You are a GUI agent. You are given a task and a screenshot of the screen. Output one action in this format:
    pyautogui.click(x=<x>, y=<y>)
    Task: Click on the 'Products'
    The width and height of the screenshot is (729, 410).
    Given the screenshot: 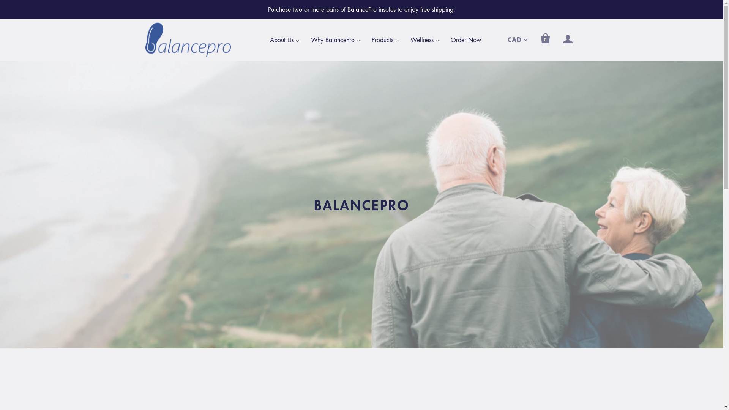 What is the action you would take?
    pyautogui.click(x=363, y=39)
    